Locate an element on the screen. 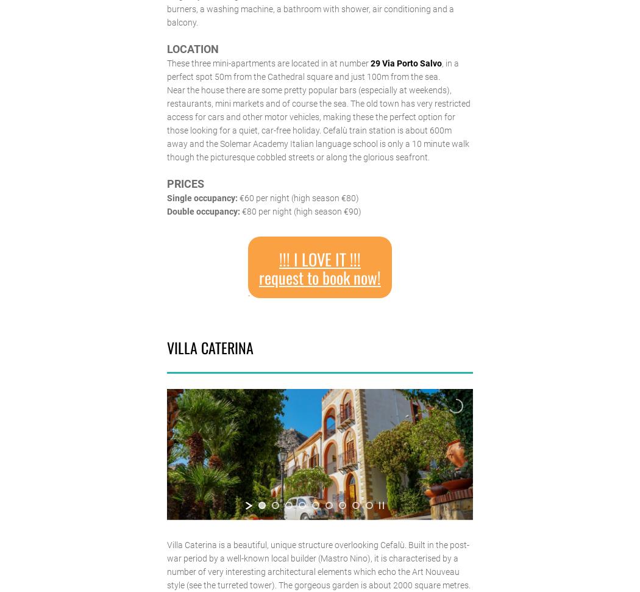  '€60 per night (high season €80)' is located at coordinates (297, 198).